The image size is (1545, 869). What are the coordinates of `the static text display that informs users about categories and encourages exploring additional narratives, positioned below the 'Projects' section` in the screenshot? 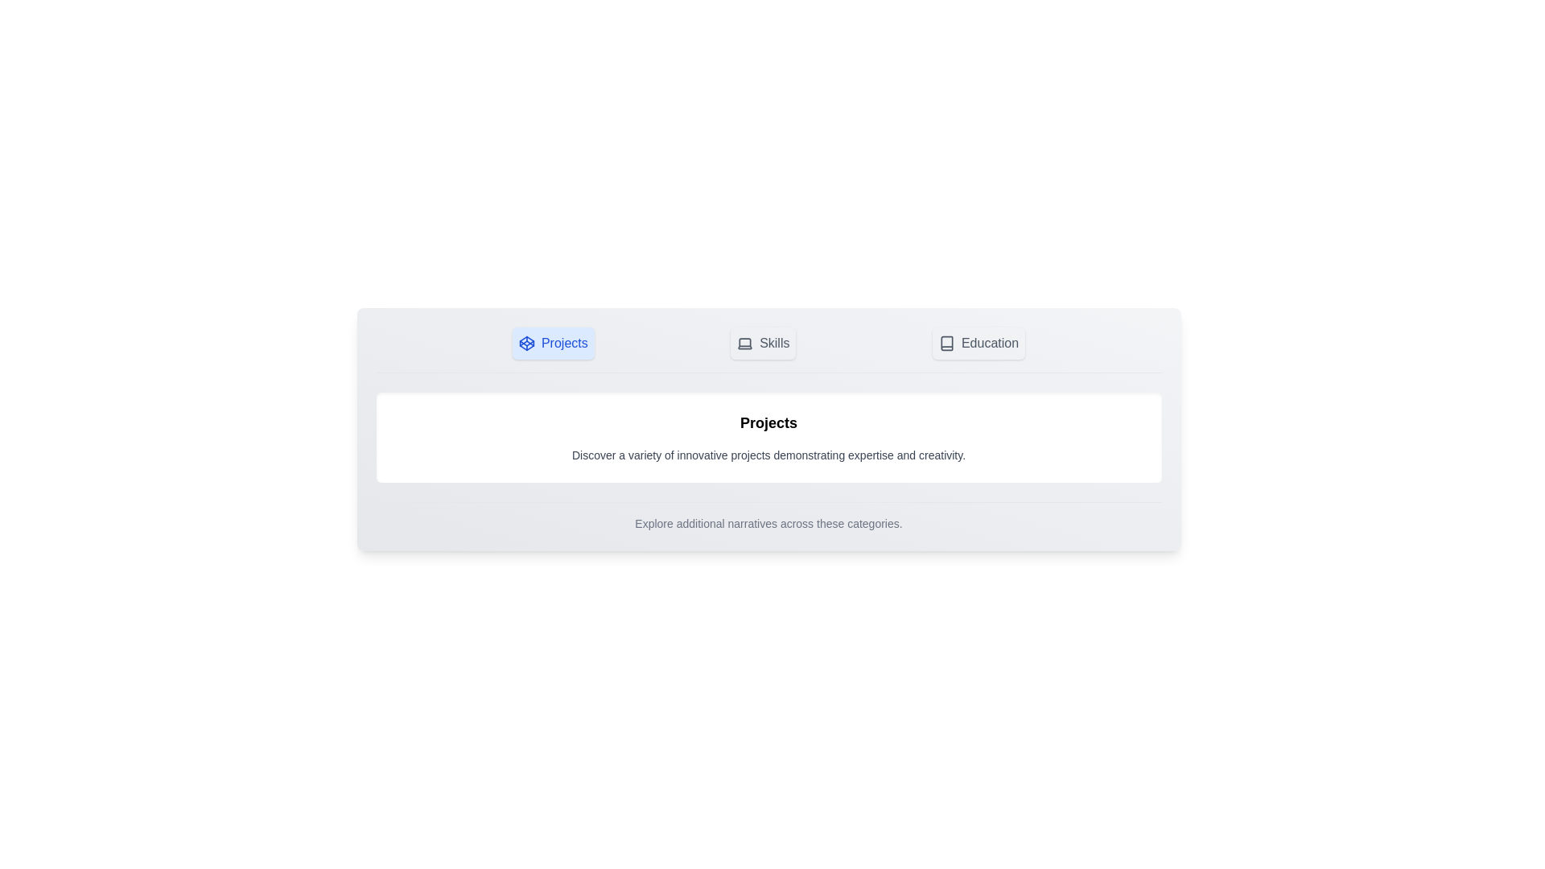 It's located at (768, 517).